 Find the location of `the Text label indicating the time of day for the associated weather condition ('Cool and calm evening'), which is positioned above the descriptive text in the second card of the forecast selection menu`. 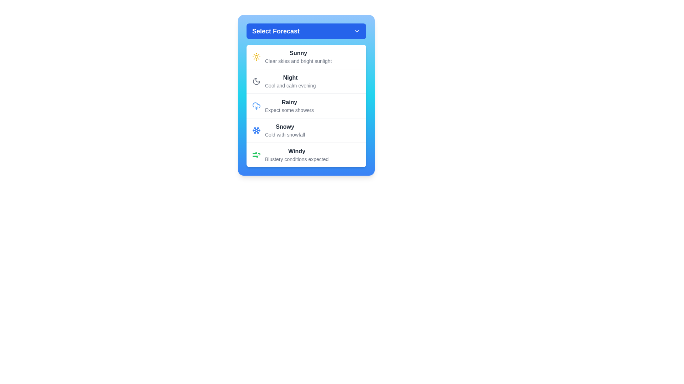

the Text label indicating the time of day for the associated weather condition ('Cool and calm evening'), which is positioned above the descriptive text in the second card of the forecast selection menu is located at coordinates (290, 78).